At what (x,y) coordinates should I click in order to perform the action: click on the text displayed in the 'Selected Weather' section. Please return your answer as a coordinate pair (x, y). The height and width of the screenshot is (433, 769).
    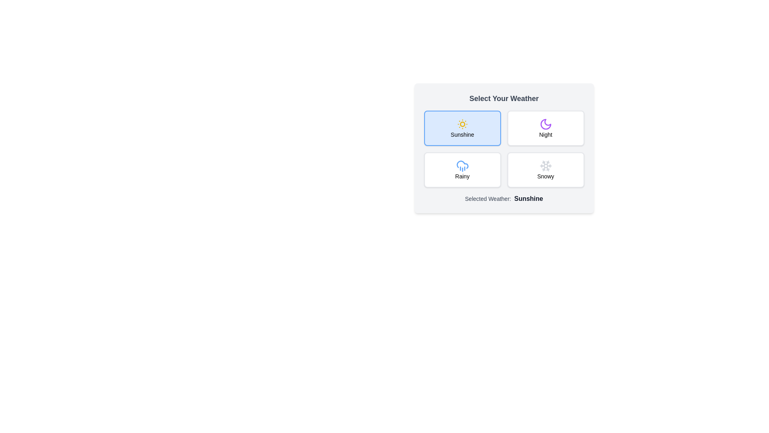
    Looking at the image, I should click on (503, 198).